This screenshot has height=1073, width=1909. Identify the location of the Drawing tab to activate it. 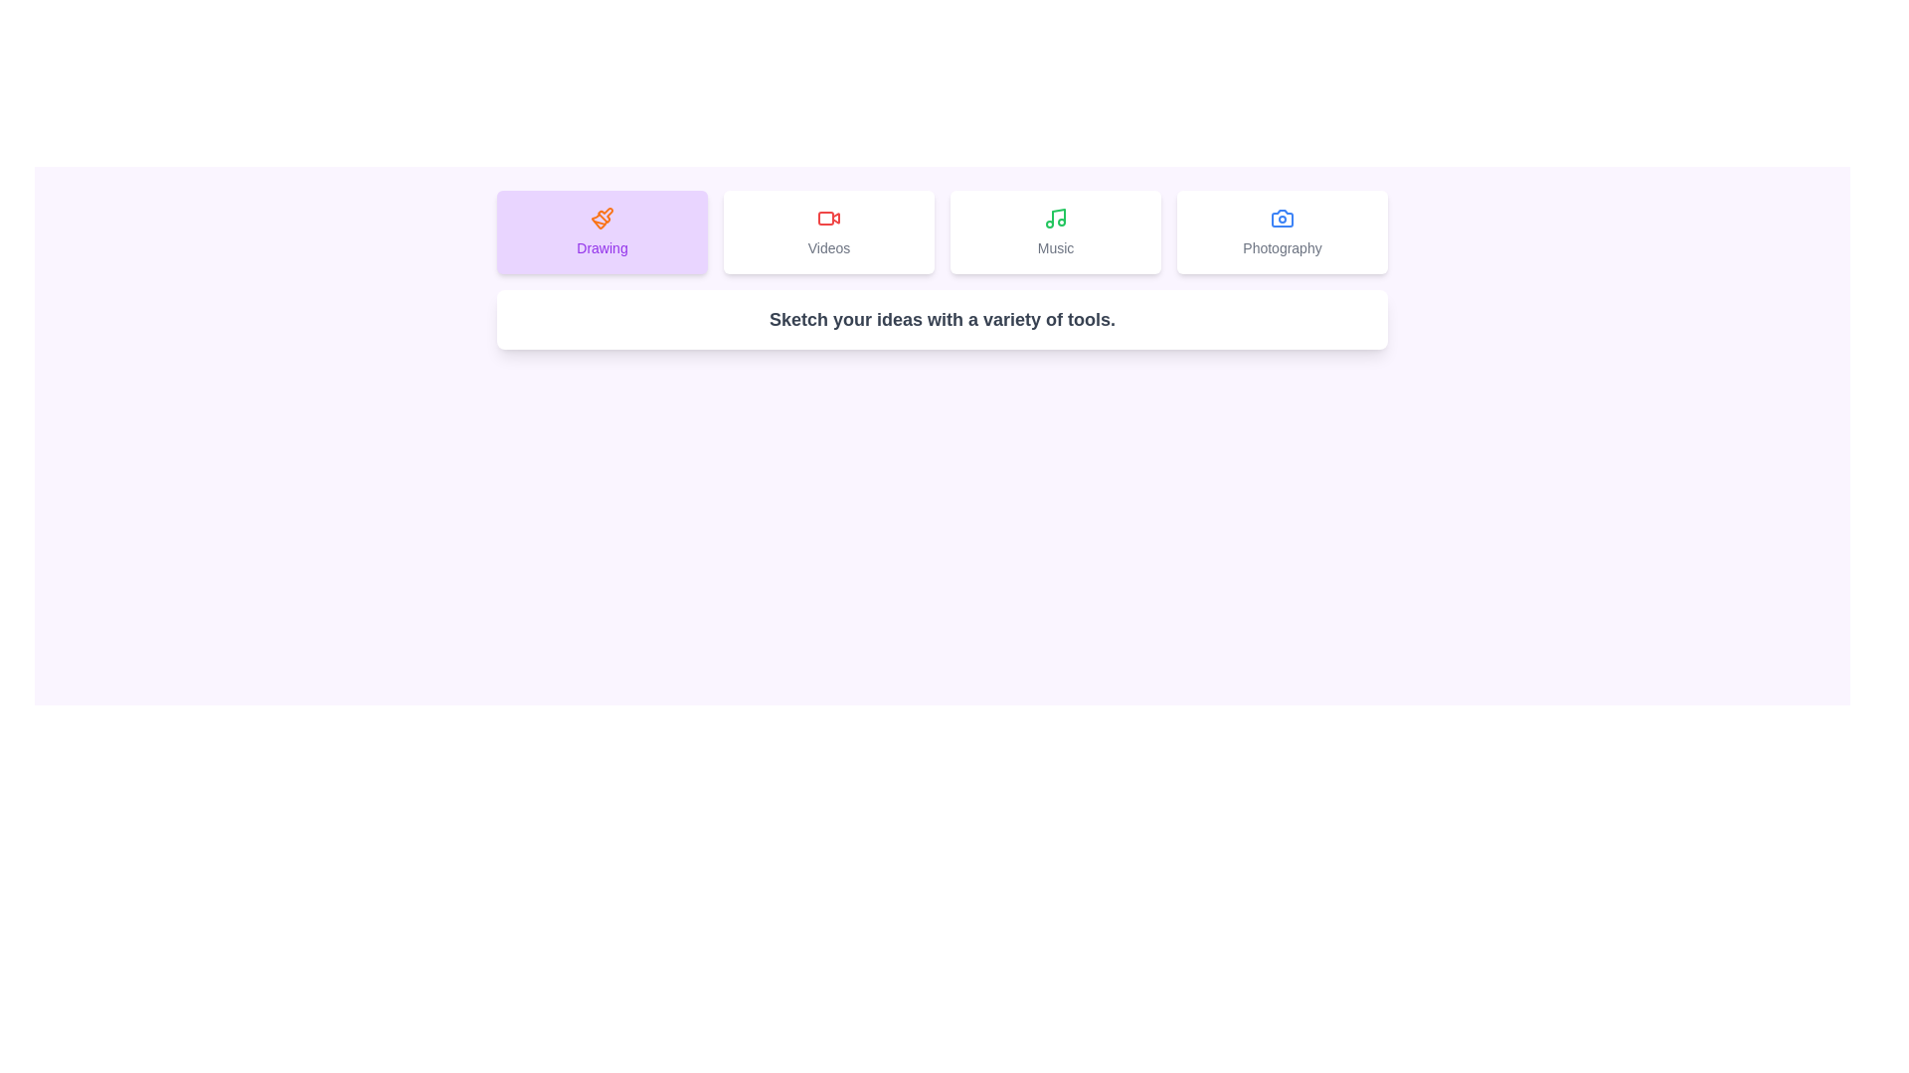
(601, 231).